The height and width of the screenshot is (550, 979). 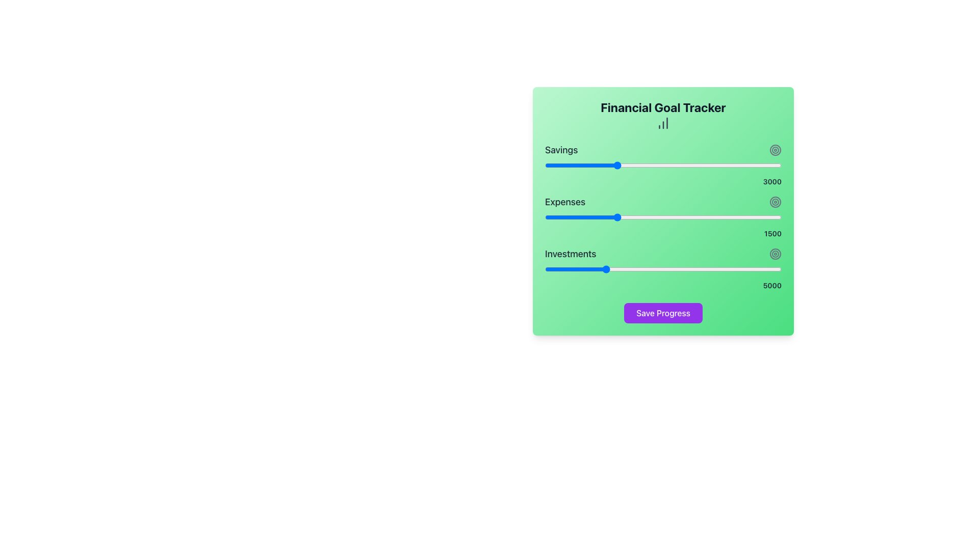 What do you see at coordinates (663, 164) in the screenshot?
I see `the range slider located beneath the 'Savings' text to set the desired value within the range of 0 to 10000` at bounding box center [663, 164].